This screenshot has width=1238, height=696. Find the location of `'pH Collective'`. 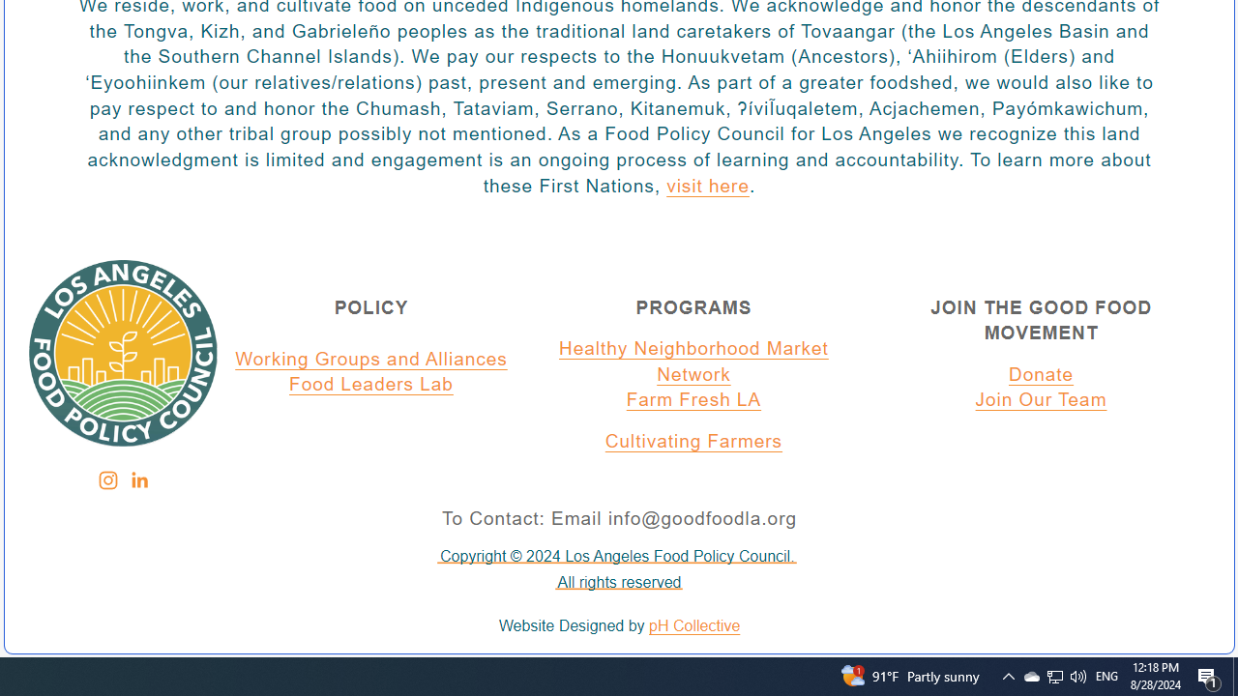

'pH Collective' is located at coordinates (694, 626).